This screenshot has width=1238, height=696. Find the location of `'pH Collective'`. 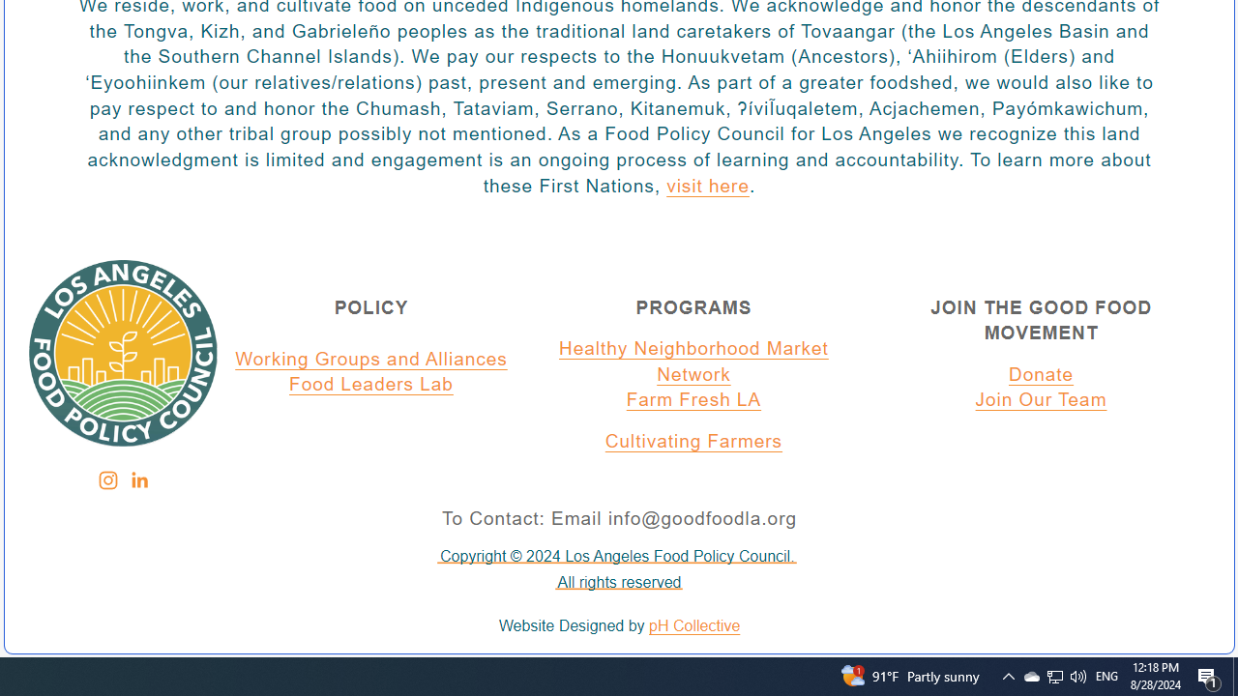

'pH Collective' is located at coordinates (694, 626).